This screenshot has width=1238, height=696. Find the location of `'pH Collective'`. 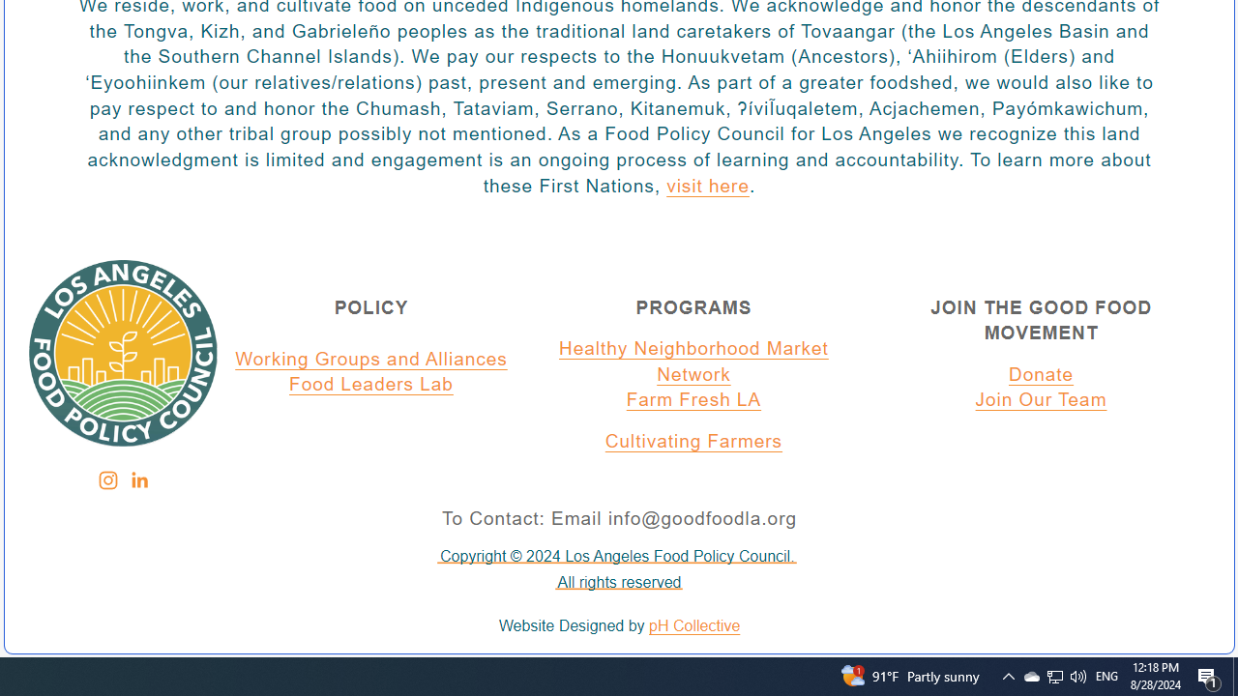

'pH Collective' is located at coordinates (694, 626).